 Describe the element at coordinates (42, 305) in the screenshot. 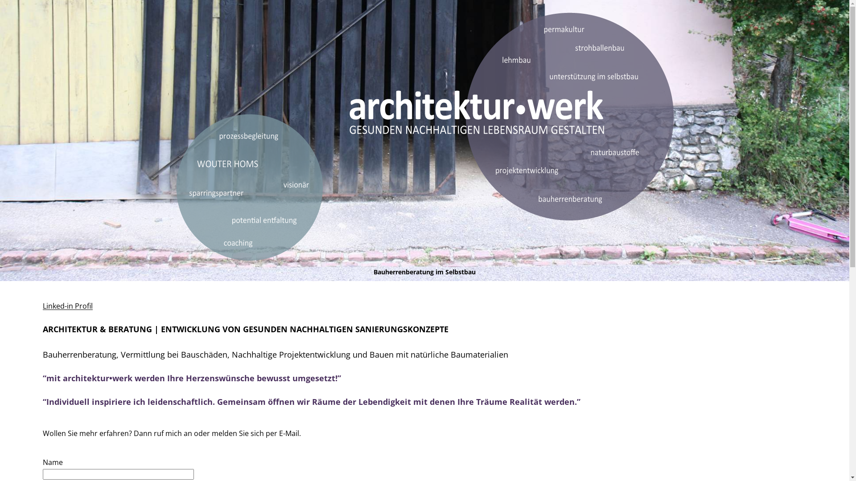

I see `'Linked-in Profil'` at that location.